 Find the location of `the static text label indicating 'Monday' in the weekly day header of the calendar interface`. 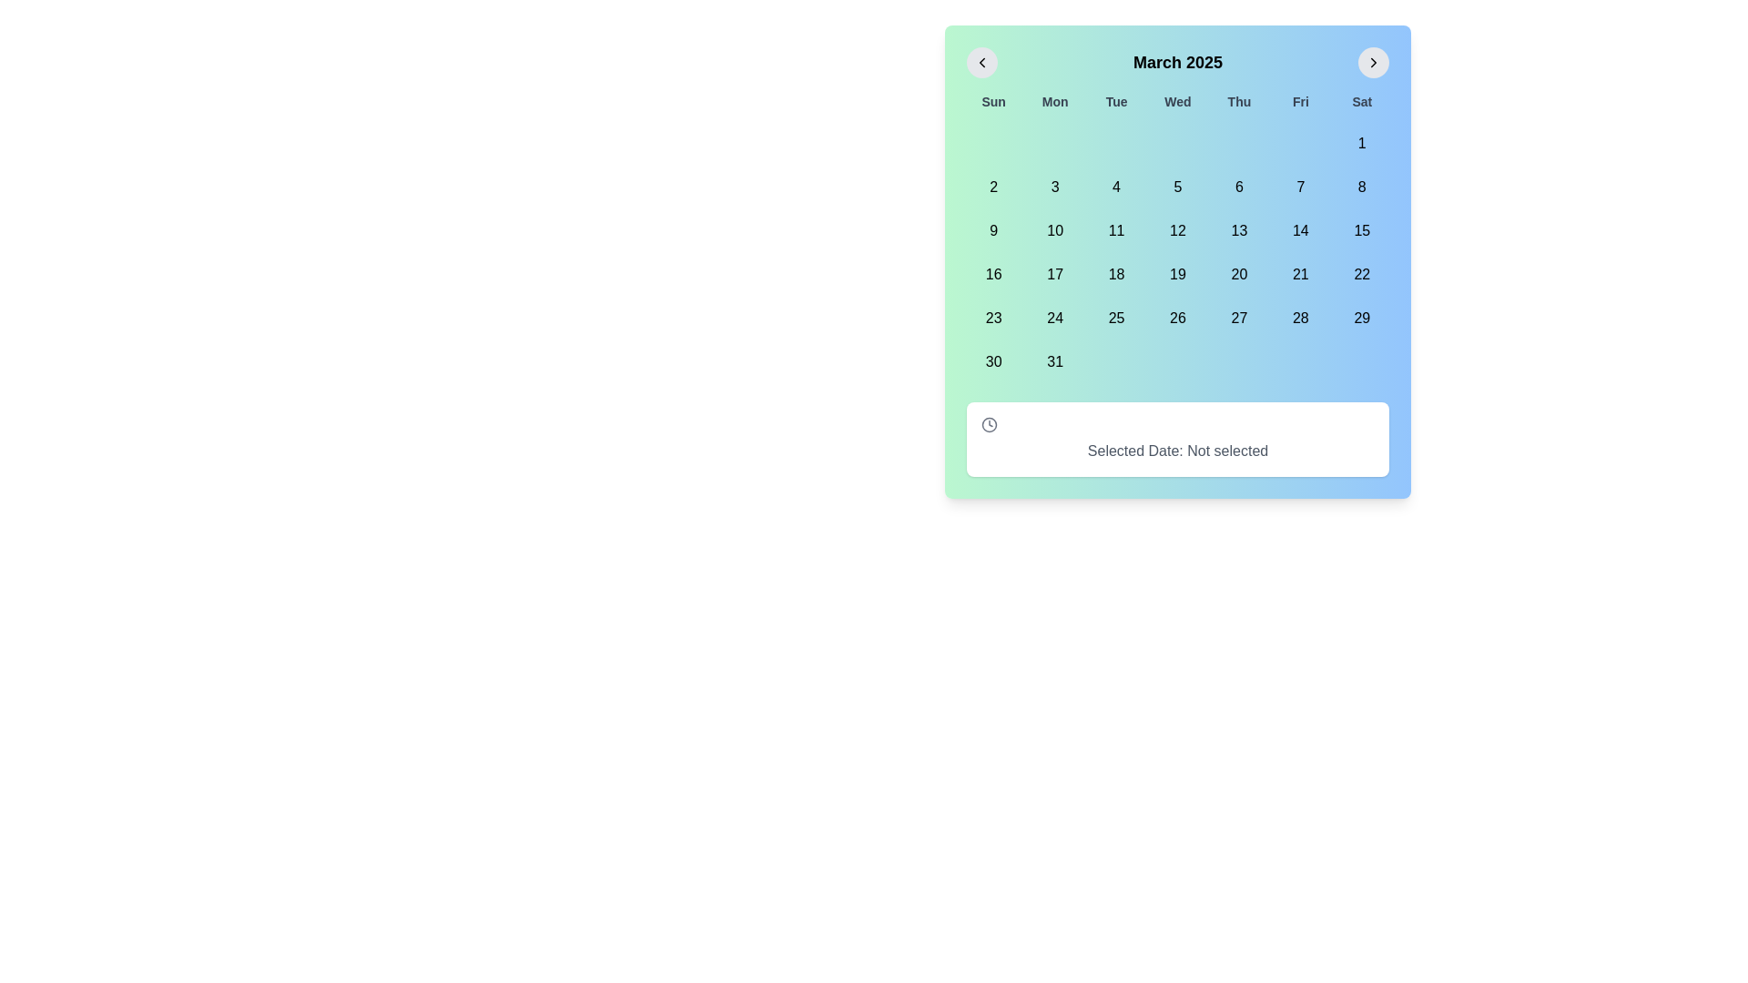

the static text label indicating 'Monday' in the weekly day header of the calendar interface is located at coordinates (1055, 101).